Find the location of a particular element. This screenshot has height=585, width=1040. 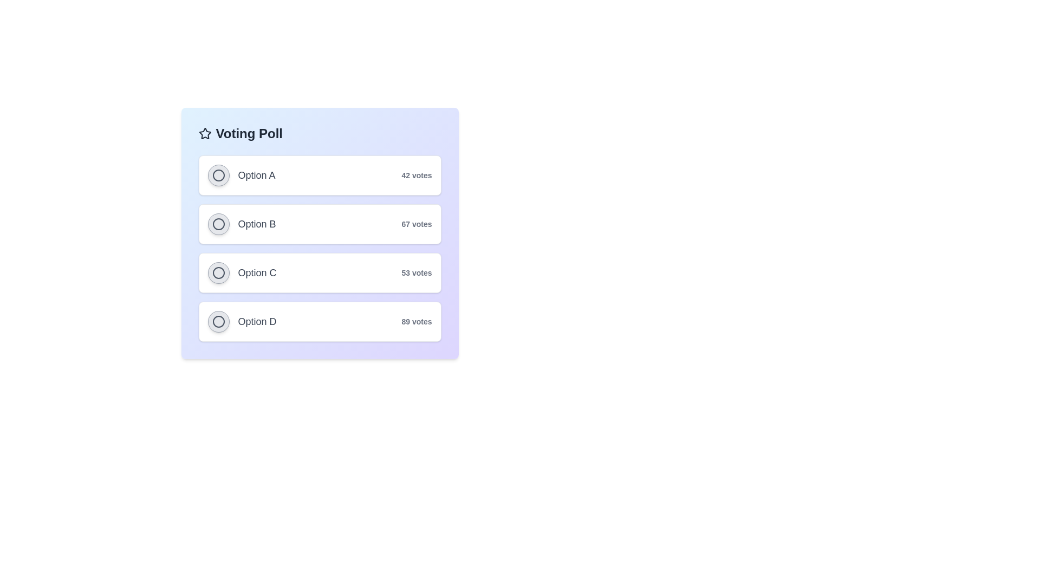

the information displayed in the text label that shows '42 votes' associated with option 'A' is located at coordinates (416, 175).